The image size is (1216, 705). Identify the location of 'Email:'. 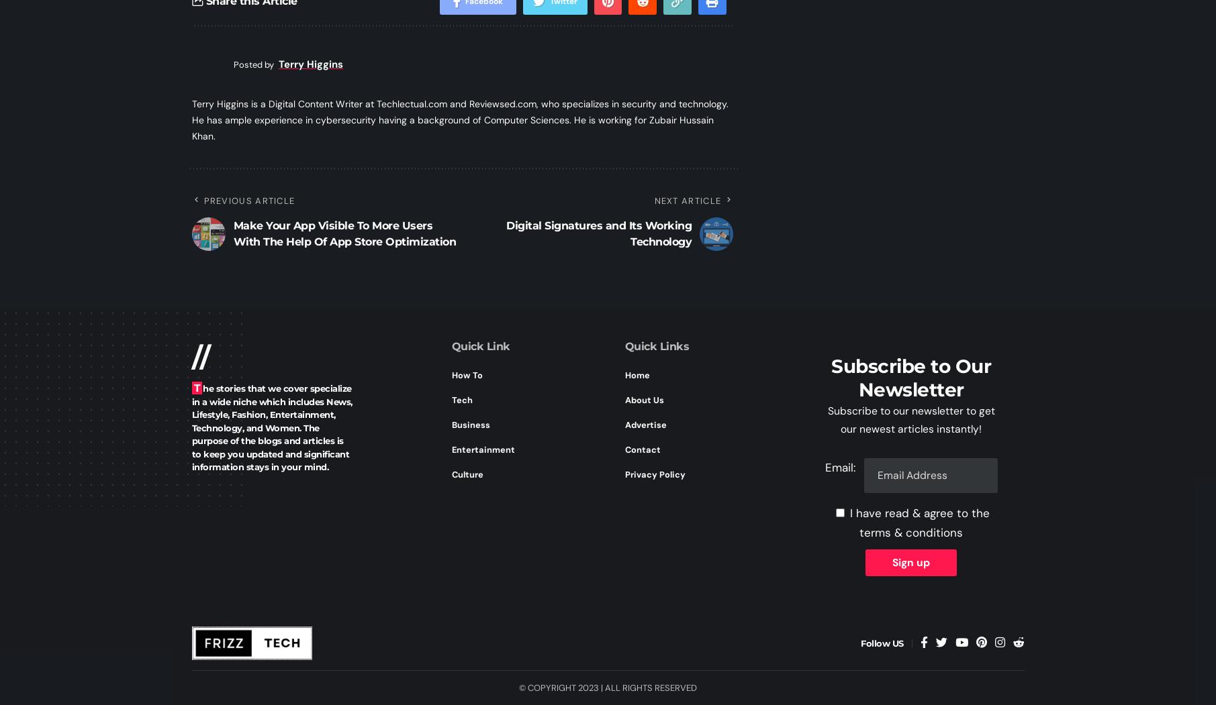
(839, 467).